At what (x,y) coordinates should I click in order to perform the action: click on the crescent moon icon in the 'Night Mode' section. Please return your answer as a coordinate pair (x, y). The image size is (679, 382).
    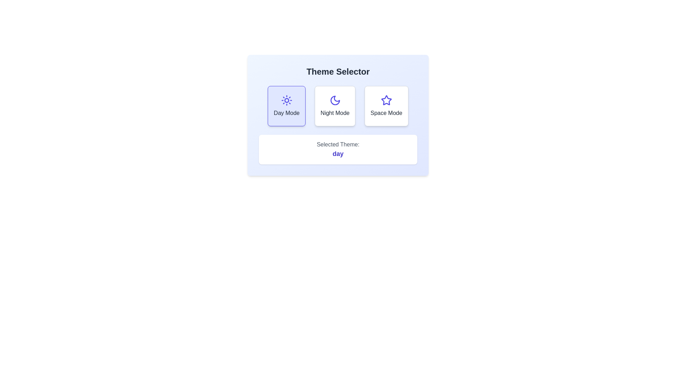
    Looking at the image, I should click on (335, 100).